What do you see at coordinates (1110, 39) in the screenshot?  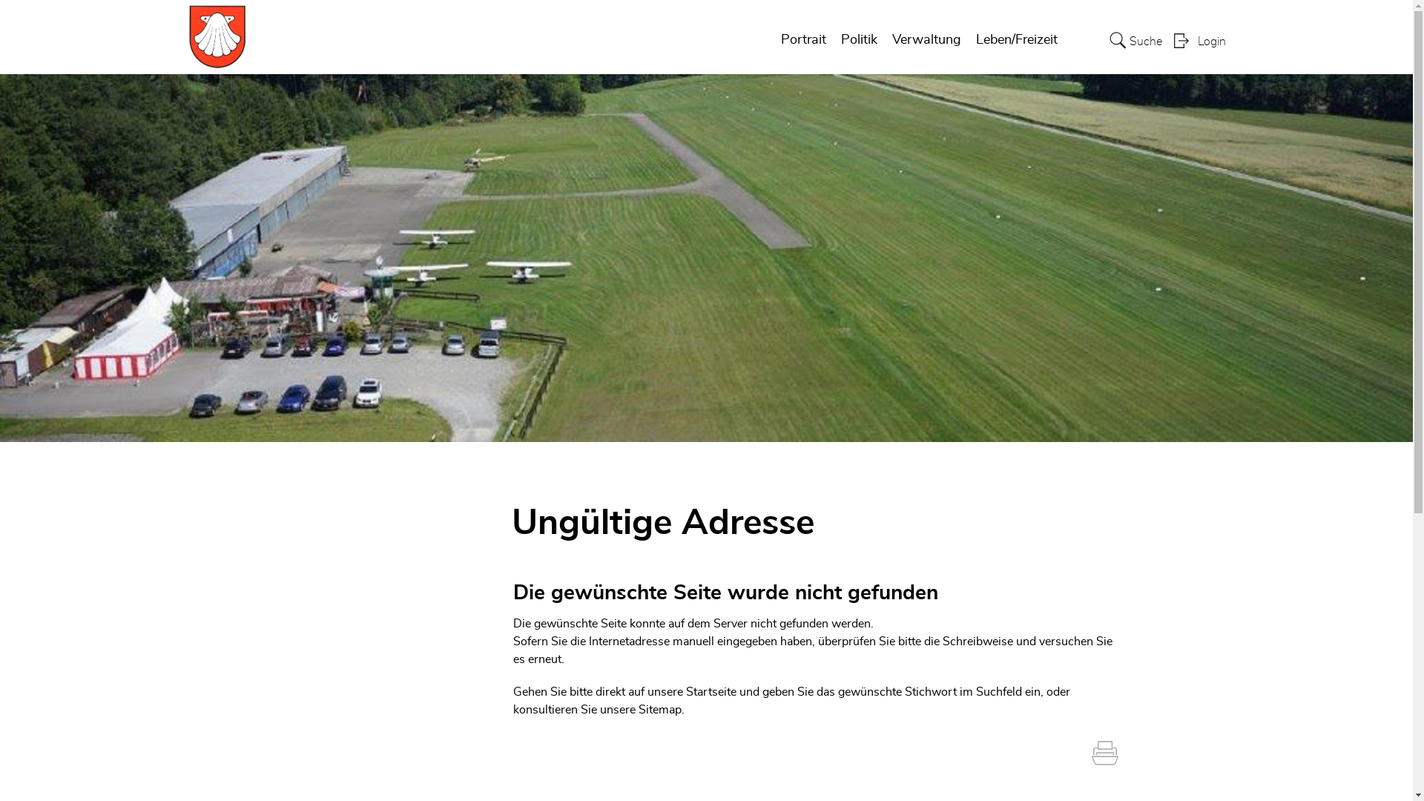 I see `'Suche'` at bounding box center [1110, 39].